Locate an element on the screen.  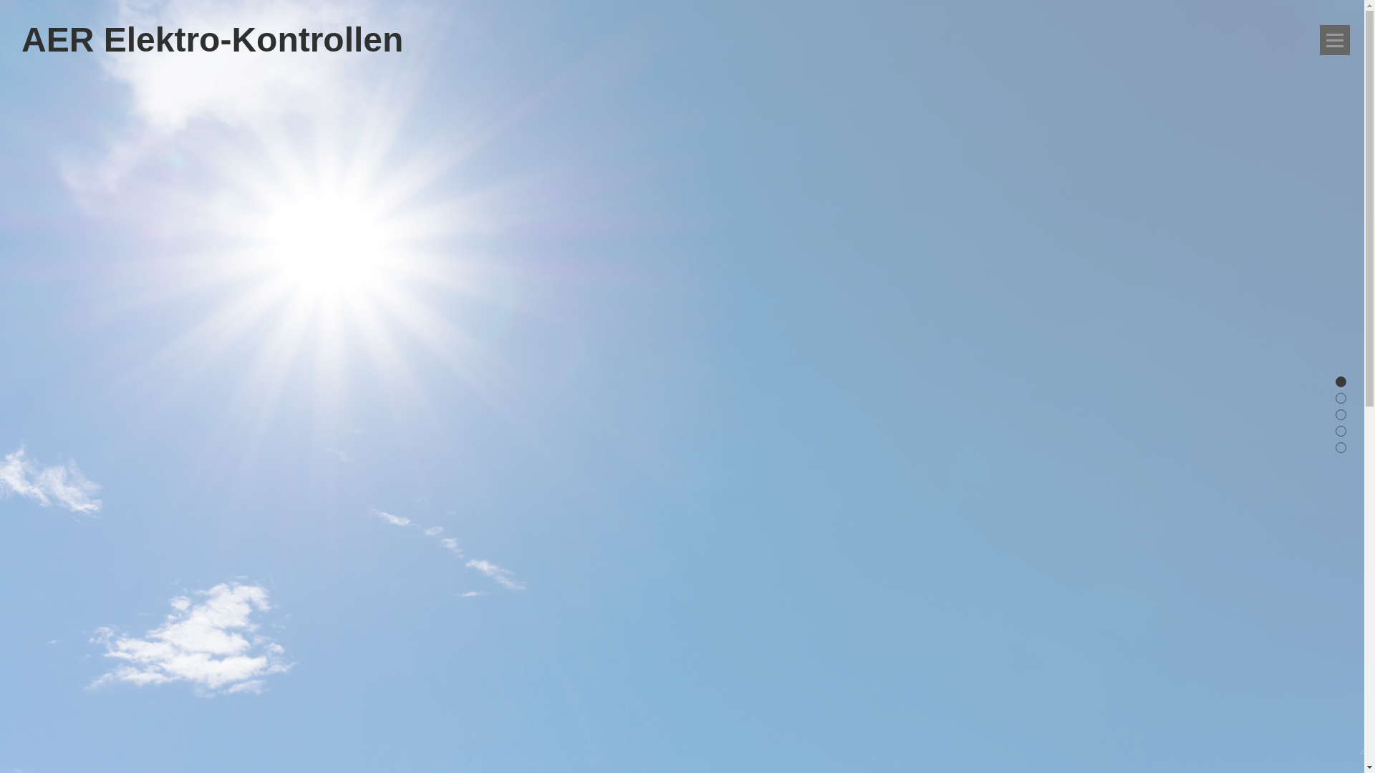
'AER Elektro-Kontrollen' is located at coordinates (211, 39).